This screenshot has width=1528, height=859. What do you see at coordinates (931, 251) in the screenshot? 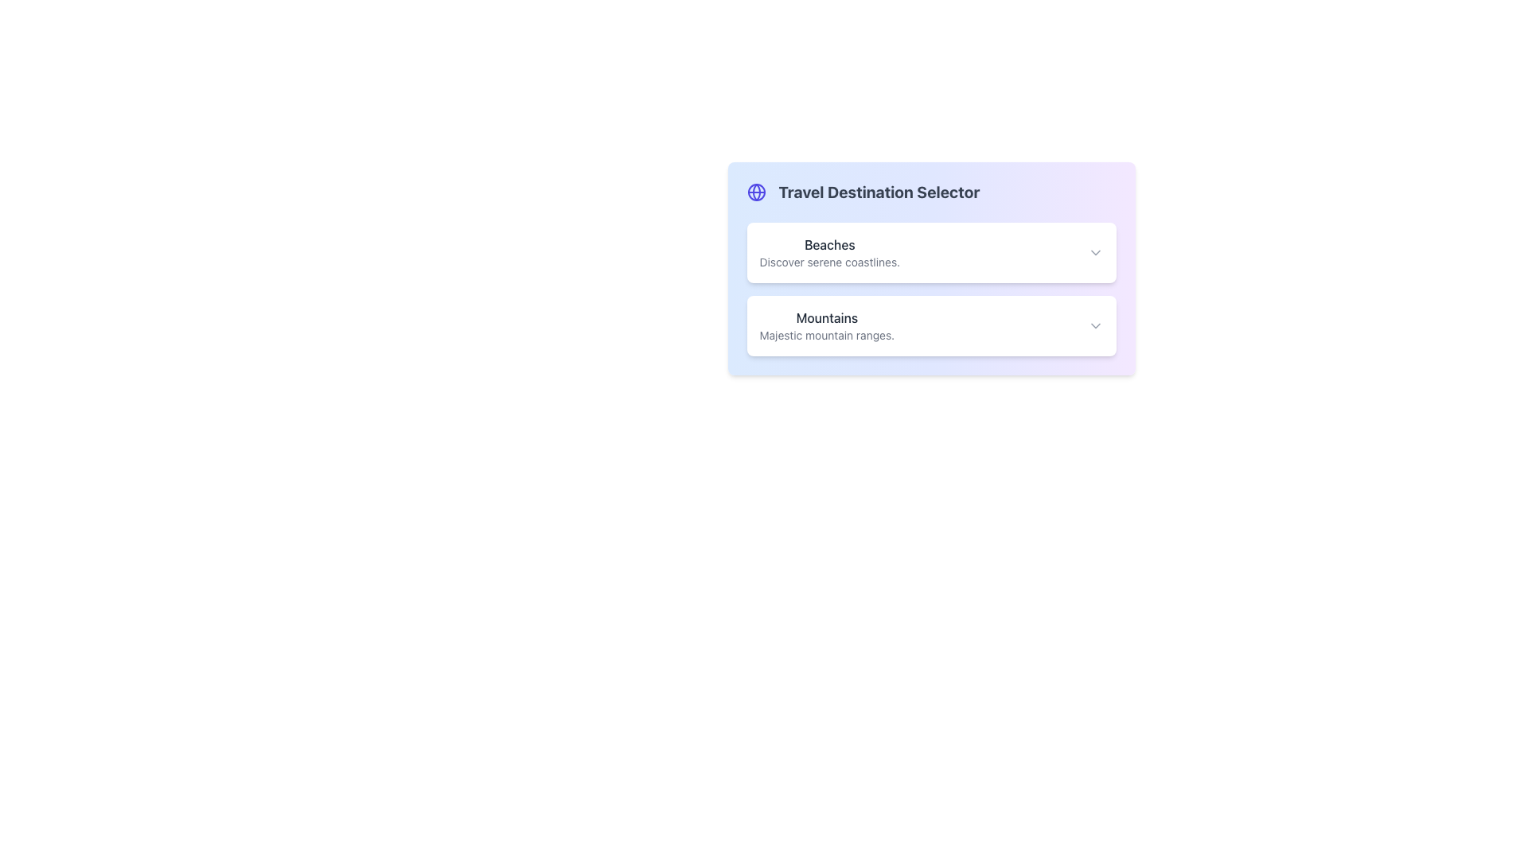
I see `the first selectable item in the travel destination selector` at bounding box center [931, 251].